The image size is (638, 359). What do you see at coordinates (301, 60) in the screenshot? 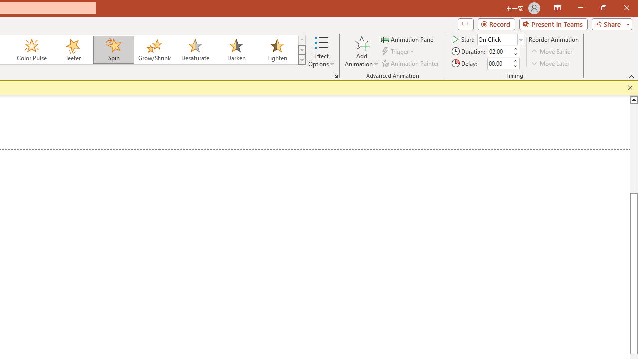
I see `'Animation Styles'` at bounding box center [301, 60].